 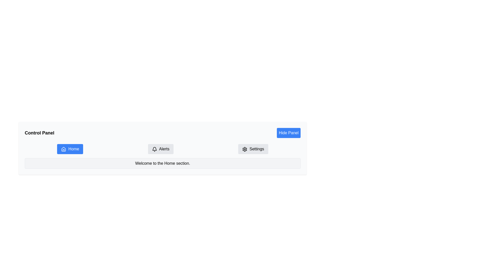 What do you see at coordinates (253, 149) in the screenshot?
I see `the 'Settings' button located at the far right of the navigation menu bar, which has a light gray background and a gear icon to its left` at bounding box center [253, 149].